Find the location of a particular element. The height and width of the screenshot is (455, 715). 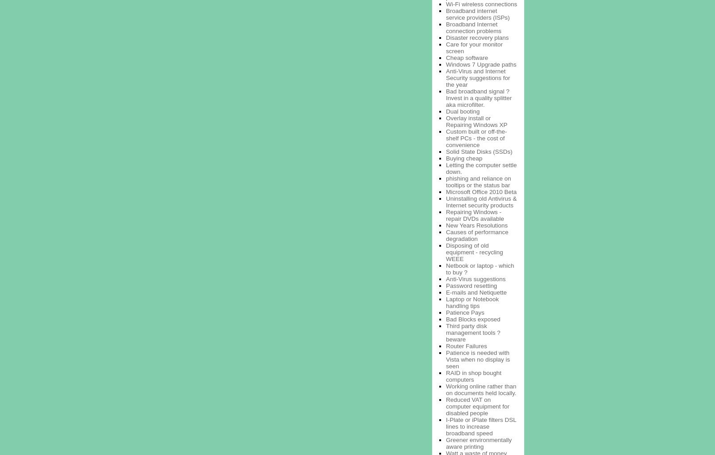

'Custom built or off-the-shelf PCs - the cost of convenience' is located at coordinates (476, 137).